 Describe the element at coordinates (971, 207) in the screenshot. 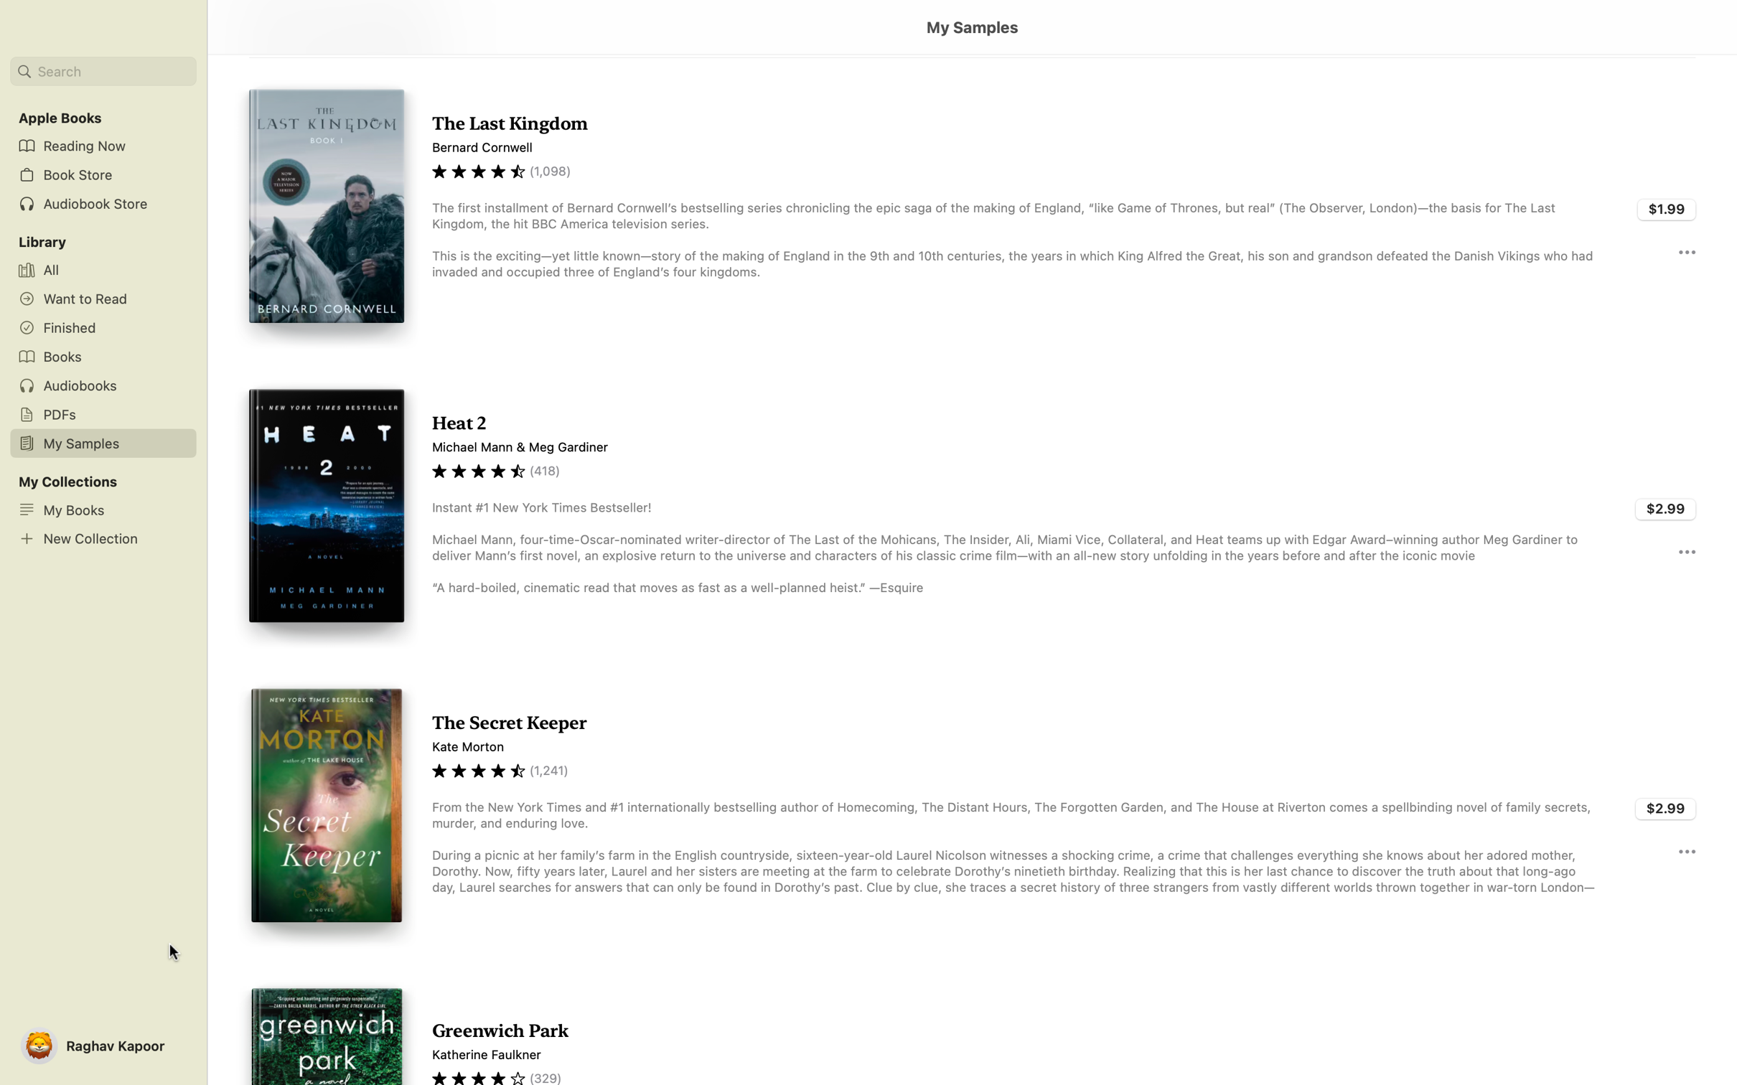

I see `Read the sample of "Last Kingdom` at that location.